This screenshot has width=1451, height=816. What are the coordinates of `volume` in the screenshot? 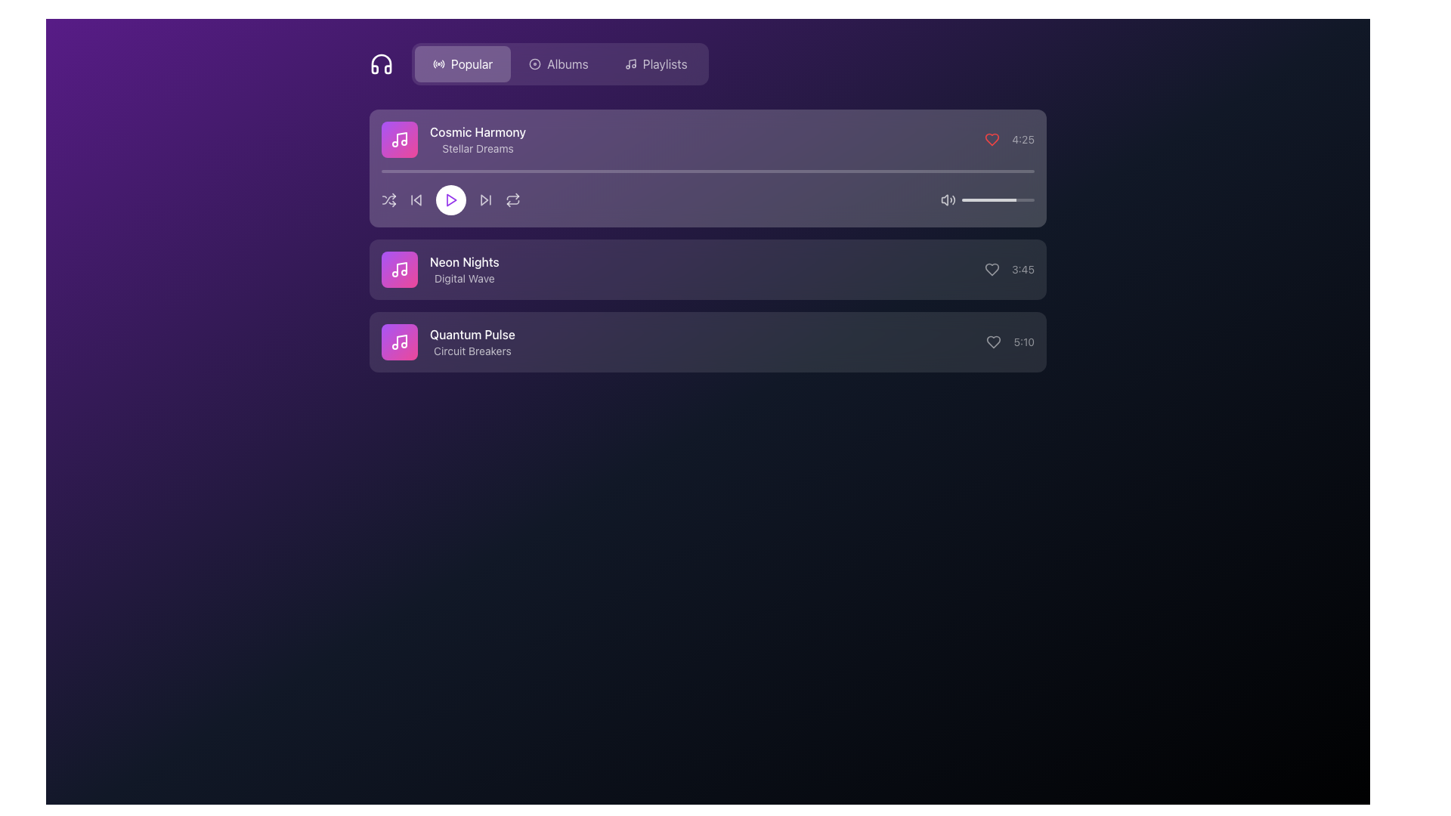 It's located at (991, 199).